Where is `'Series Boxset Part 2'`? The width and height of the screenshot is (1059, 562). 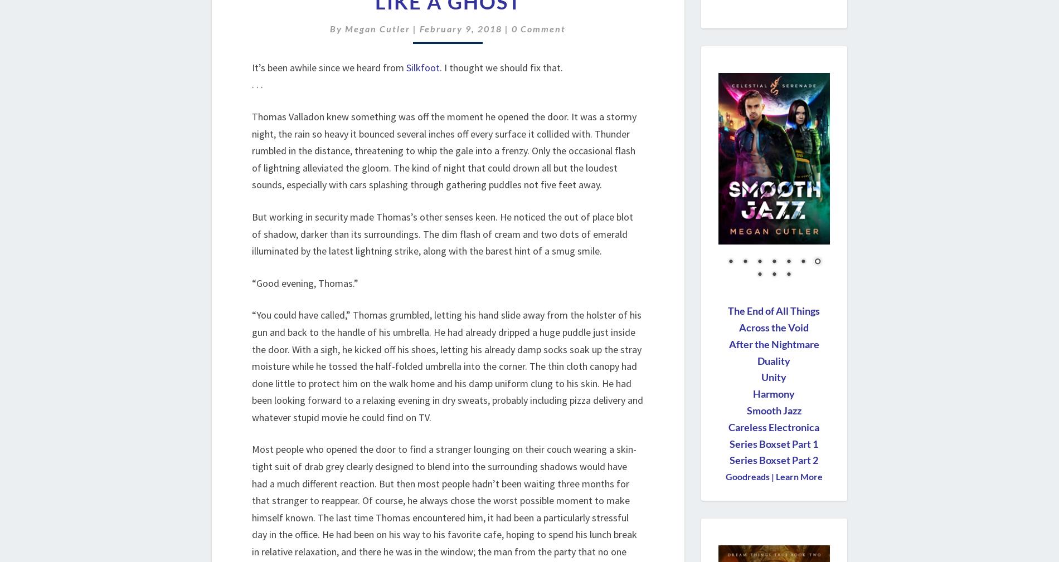
'Series Boxset Part 2' is located at coordinates (773, 460).